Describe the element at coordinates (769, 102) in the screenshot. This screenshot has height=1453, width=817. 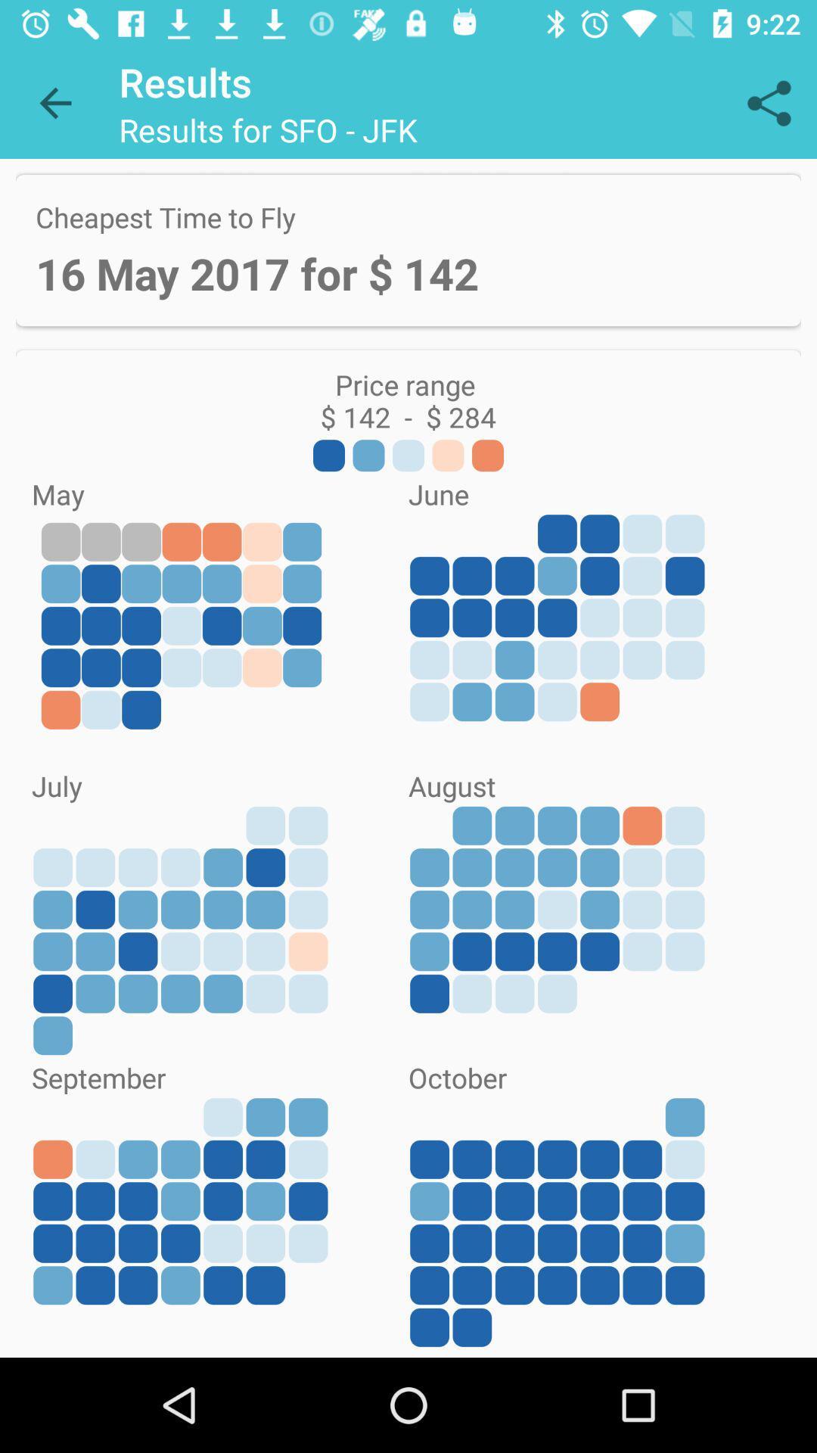
I see `item next to the results for sfo` at that location.